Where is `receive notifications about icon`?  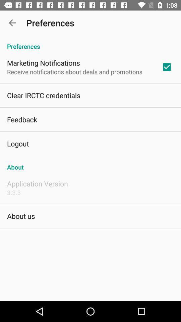
receive notifications about icon is located at coordinates (74, 72).